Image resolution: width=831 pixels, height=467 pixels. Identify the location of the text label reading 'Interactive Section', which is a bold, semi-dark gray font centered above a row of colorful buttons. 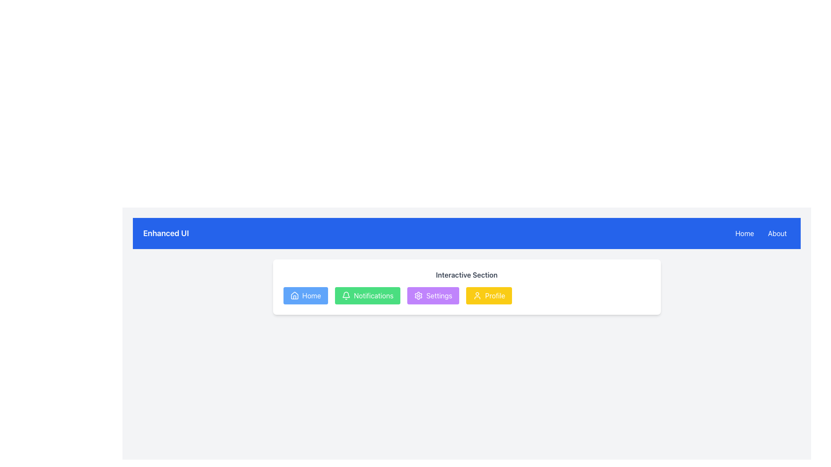
(466, 275).